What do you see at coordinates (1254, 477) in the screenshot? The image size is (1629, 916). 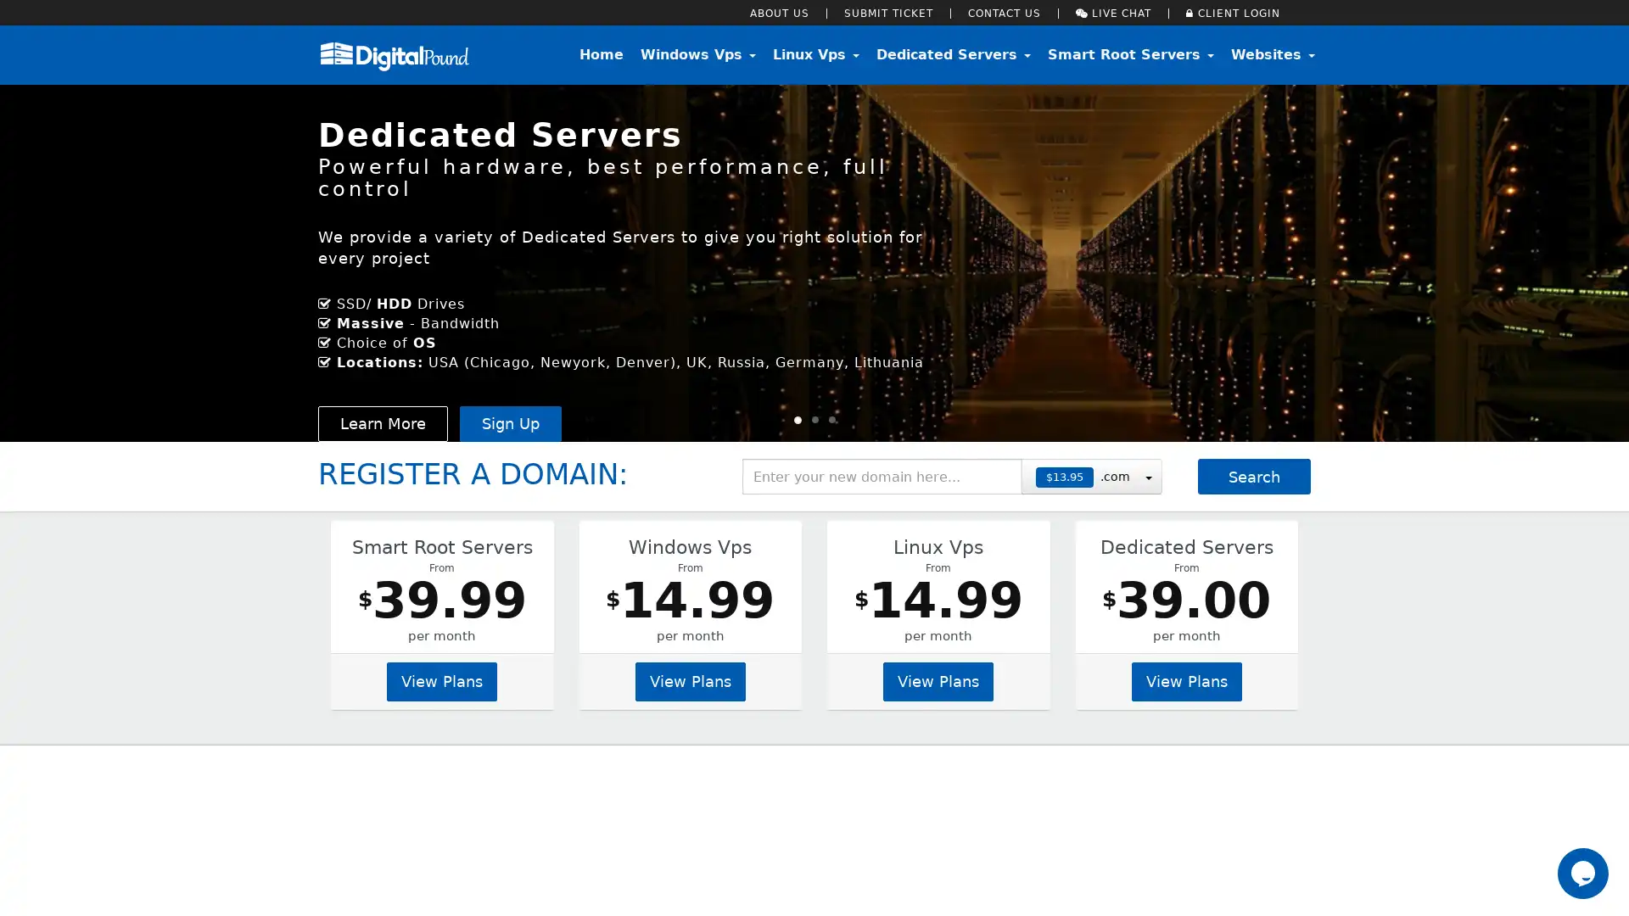 I see `Search` at bounding box center [1254, 477].